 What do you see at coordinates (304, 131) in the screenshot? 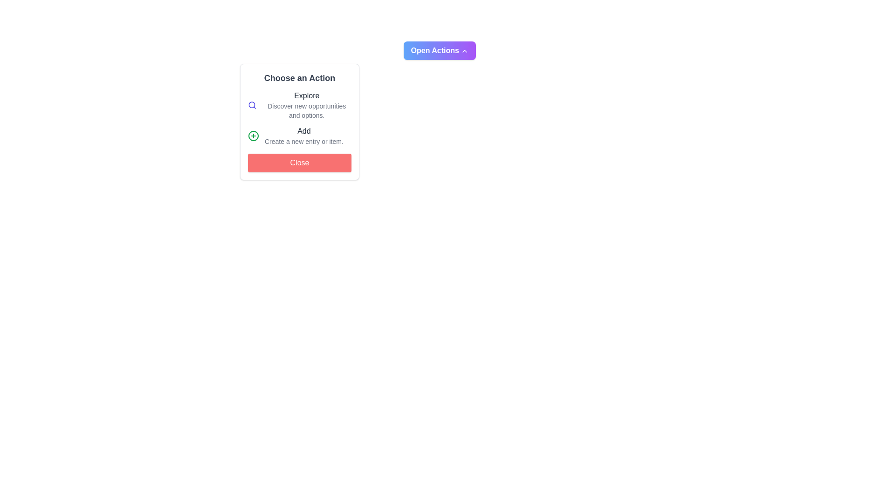
I see `the 'Add' text label located in the 'Choose an Action' modal, which is styled in grayish-black and situated centrally between a magnifying glass icon and a pink 'Close' button` at bounding box center [304, 131].